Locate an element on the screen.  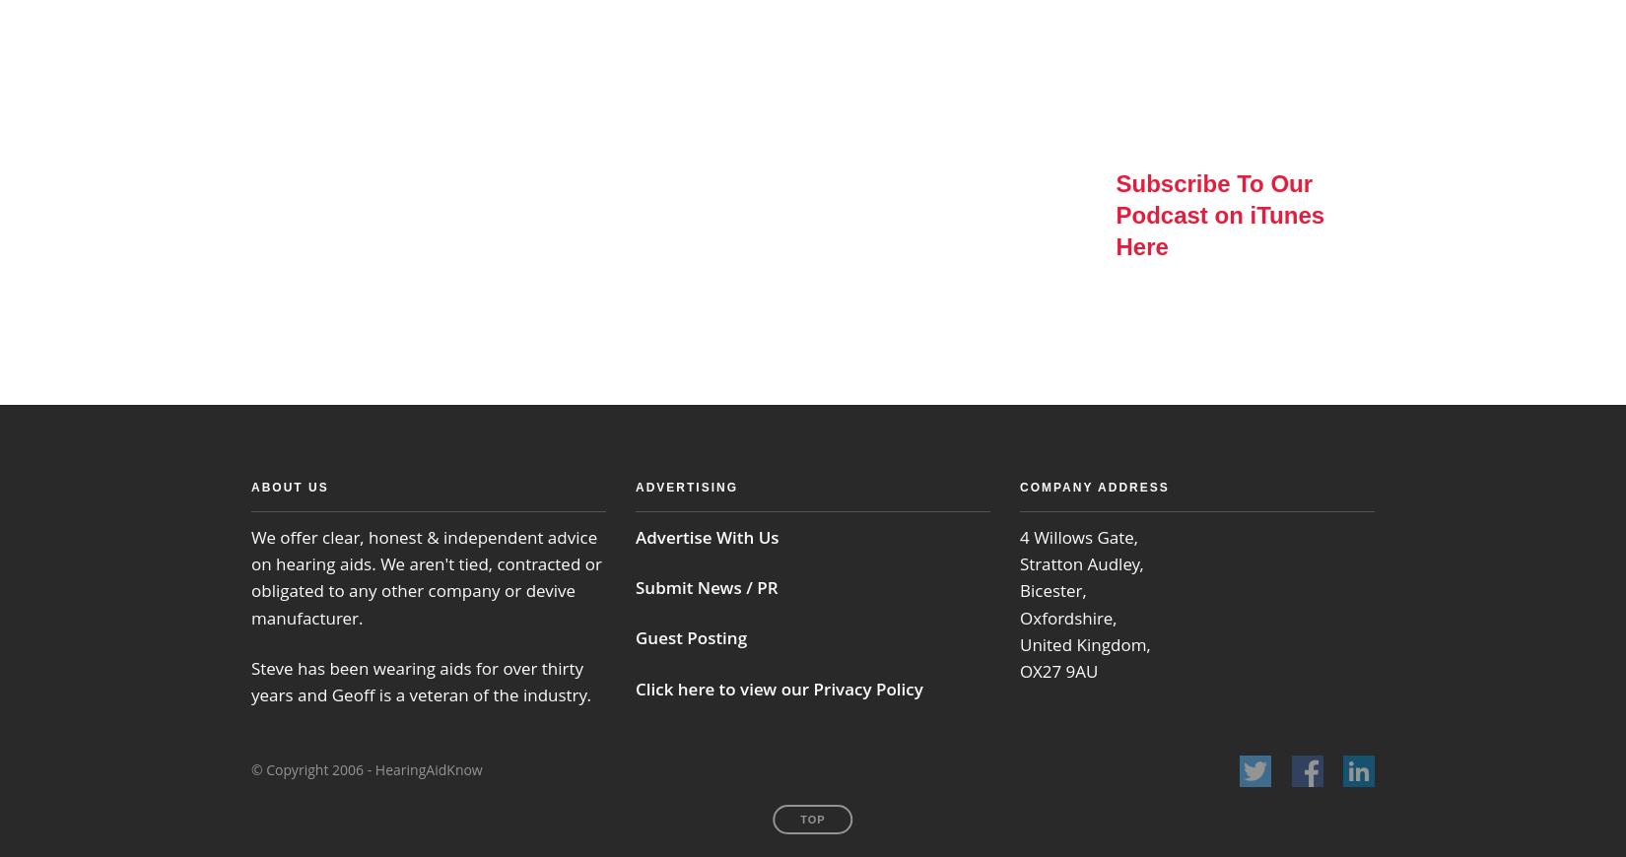
'Advertise With Us' is located at coordinates (706, 535).